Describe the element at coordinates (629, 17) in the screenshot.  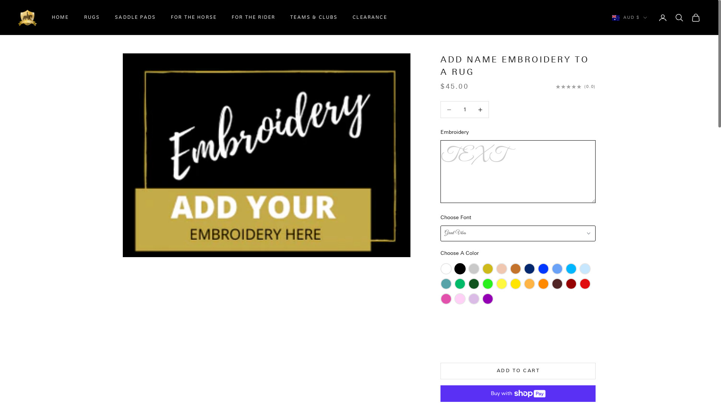
I see `'AUD $'` at that location.